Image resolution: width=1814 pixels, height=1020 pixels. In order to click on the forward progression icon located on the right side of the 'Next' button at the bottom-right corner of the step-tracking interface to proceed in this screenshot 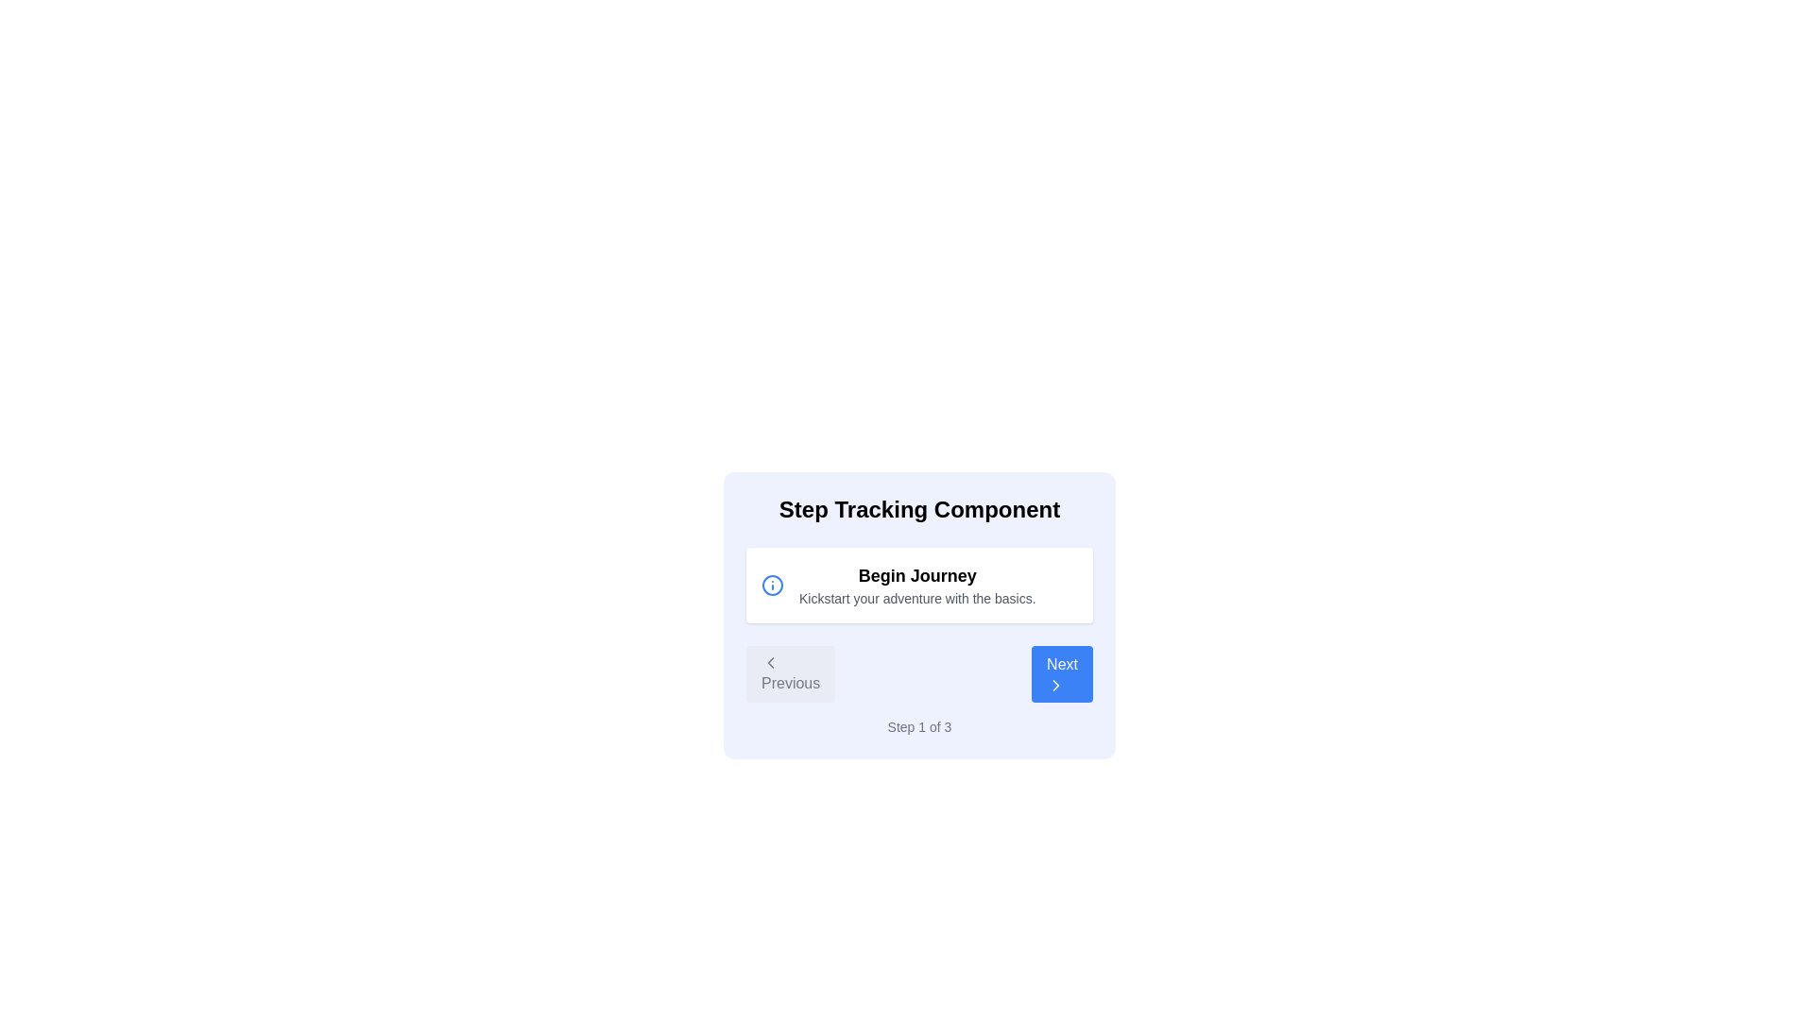, I will do `click(1055, 685)`.